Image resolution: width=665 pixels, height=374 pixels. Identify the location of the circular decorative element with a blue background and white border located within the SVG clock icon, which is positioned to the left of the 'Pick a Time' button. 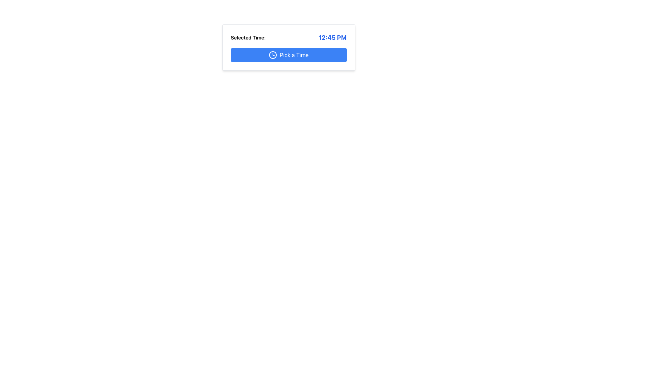
(272, 54).